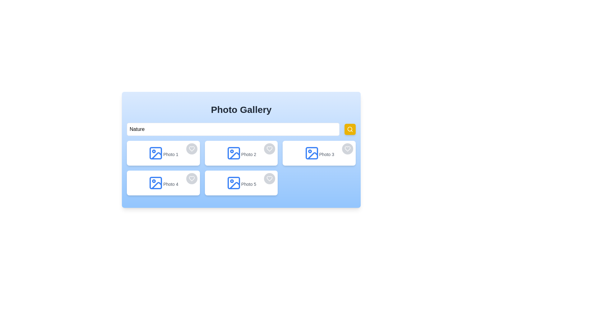  I want to click on the 'favorite' icon button located at the bottom-right corner of the thumbnail for 'Photo 2' in the photo gallery interface, so click(270, 149).